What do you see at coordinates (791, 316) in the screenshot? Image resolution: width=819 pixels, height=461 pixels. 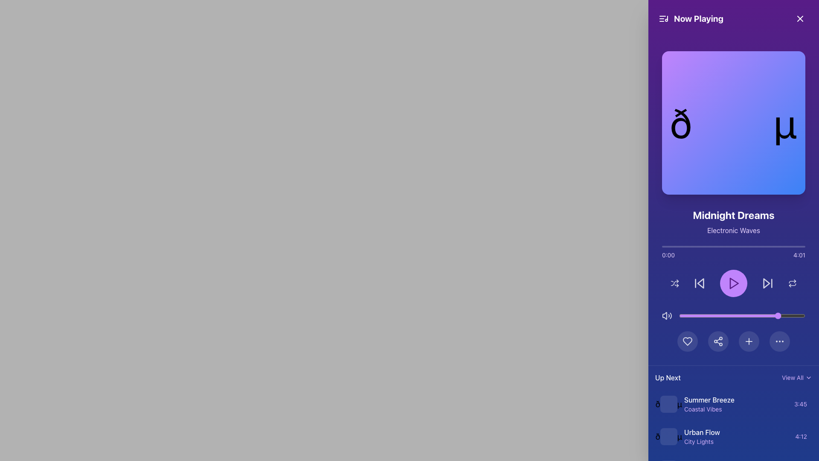 I see `slider value` at bounding box center [791, 316].